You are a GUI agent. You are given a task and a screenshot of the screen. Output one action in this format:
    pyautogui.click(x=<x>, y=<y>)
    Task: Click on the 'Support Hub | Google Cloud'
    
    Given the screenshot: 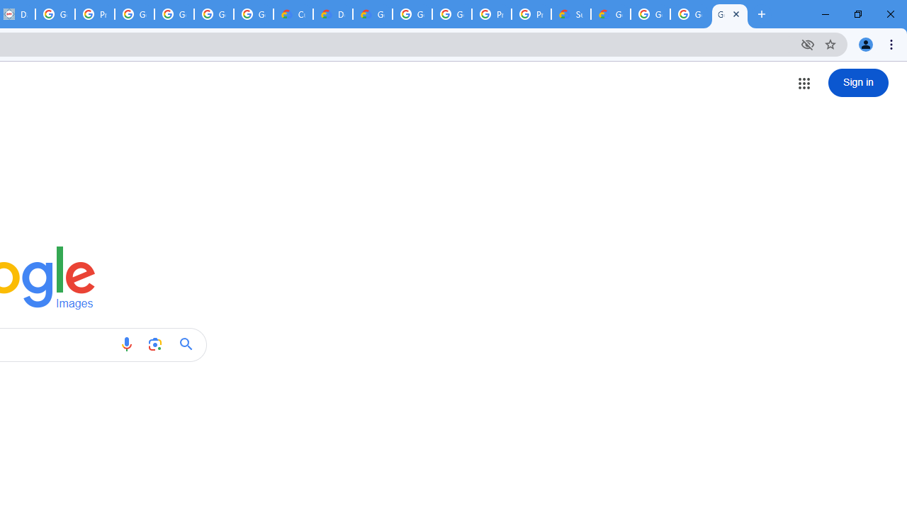 What is the action you would take?
    pyautogui.click(x=571, y=14)
    